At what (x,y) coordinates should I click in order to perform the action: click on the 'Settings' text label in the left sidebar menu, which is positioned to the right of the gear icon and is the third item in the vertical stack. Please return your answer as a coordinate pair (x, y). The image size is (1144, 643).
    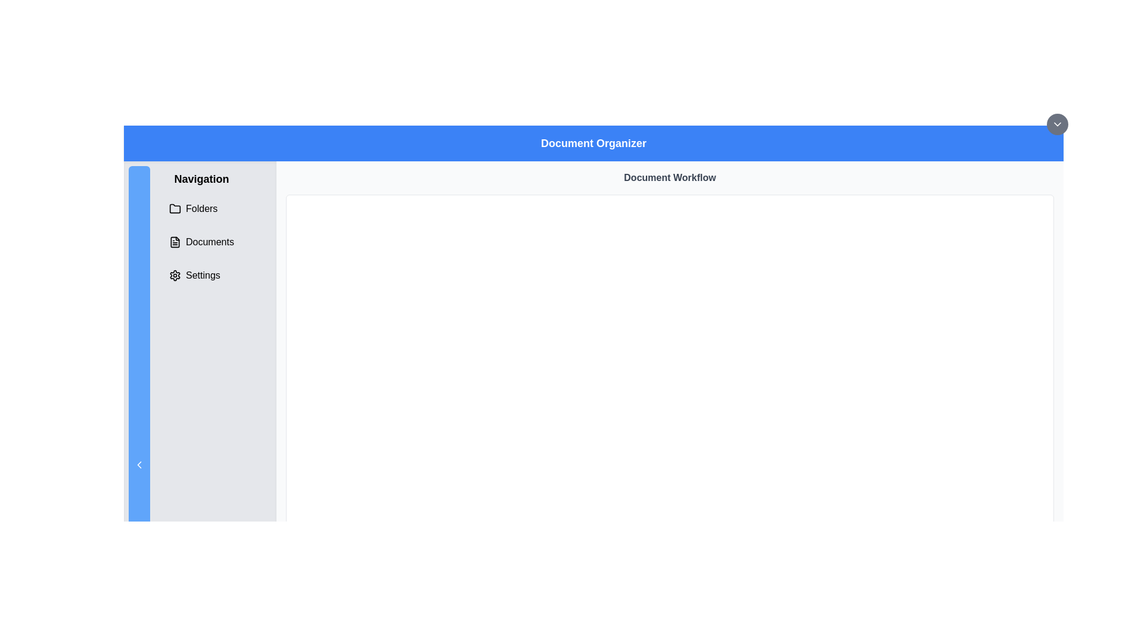
    Looking at the image, I should click on (203, 275).